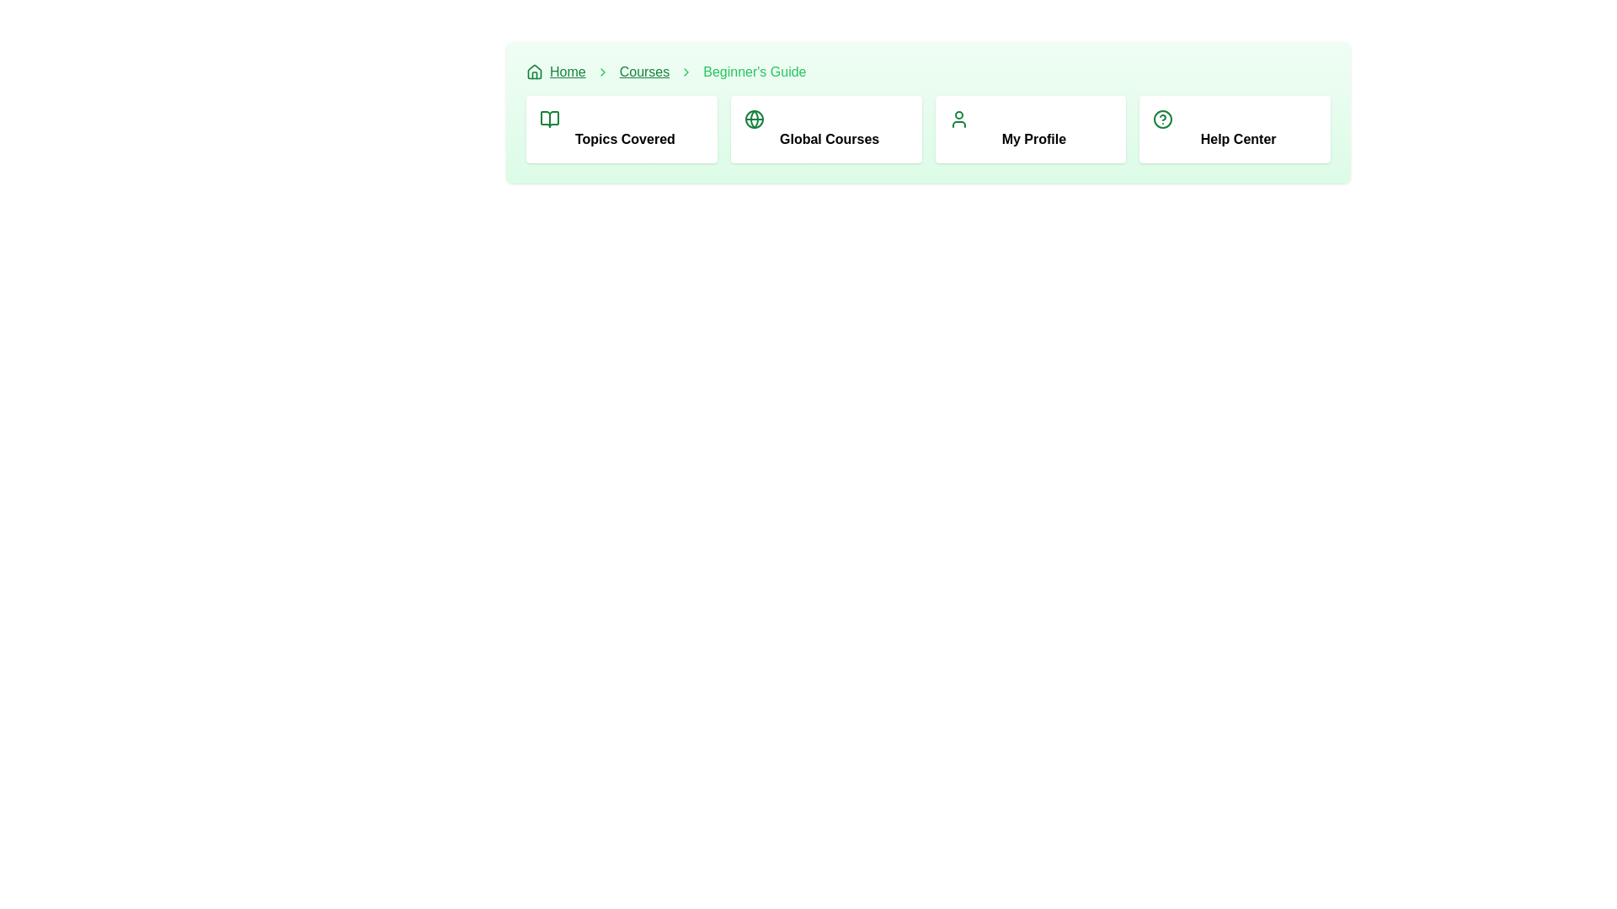  Describe the element at coordinates (549, 119) in the screenshot. I see `the 'Topics Covered' icon located in the first card of the row, aligned to the left side, to visually represent the section` at that location.